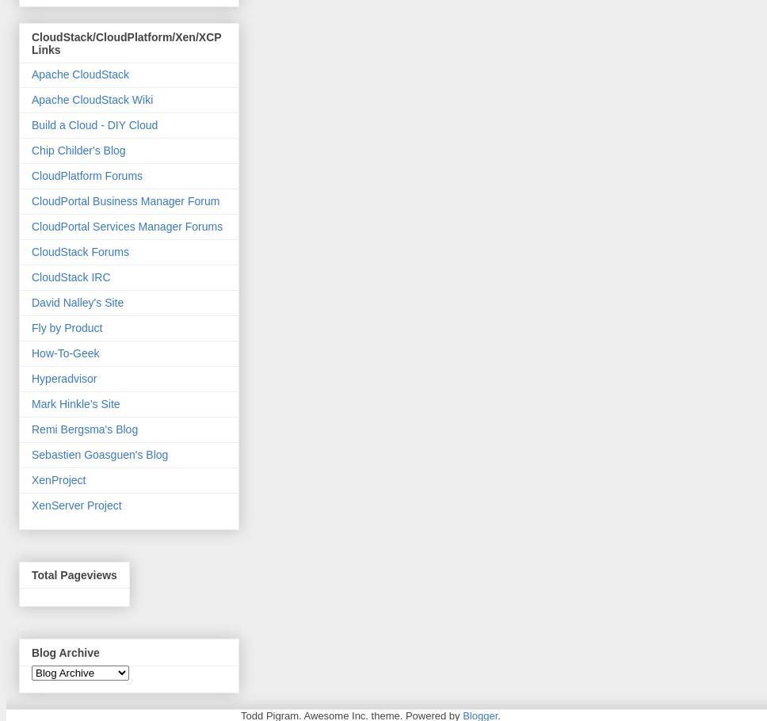  I want to click on 'CloudStack/CloudPlatform/Xen/XCP Links', so click(125, 42).